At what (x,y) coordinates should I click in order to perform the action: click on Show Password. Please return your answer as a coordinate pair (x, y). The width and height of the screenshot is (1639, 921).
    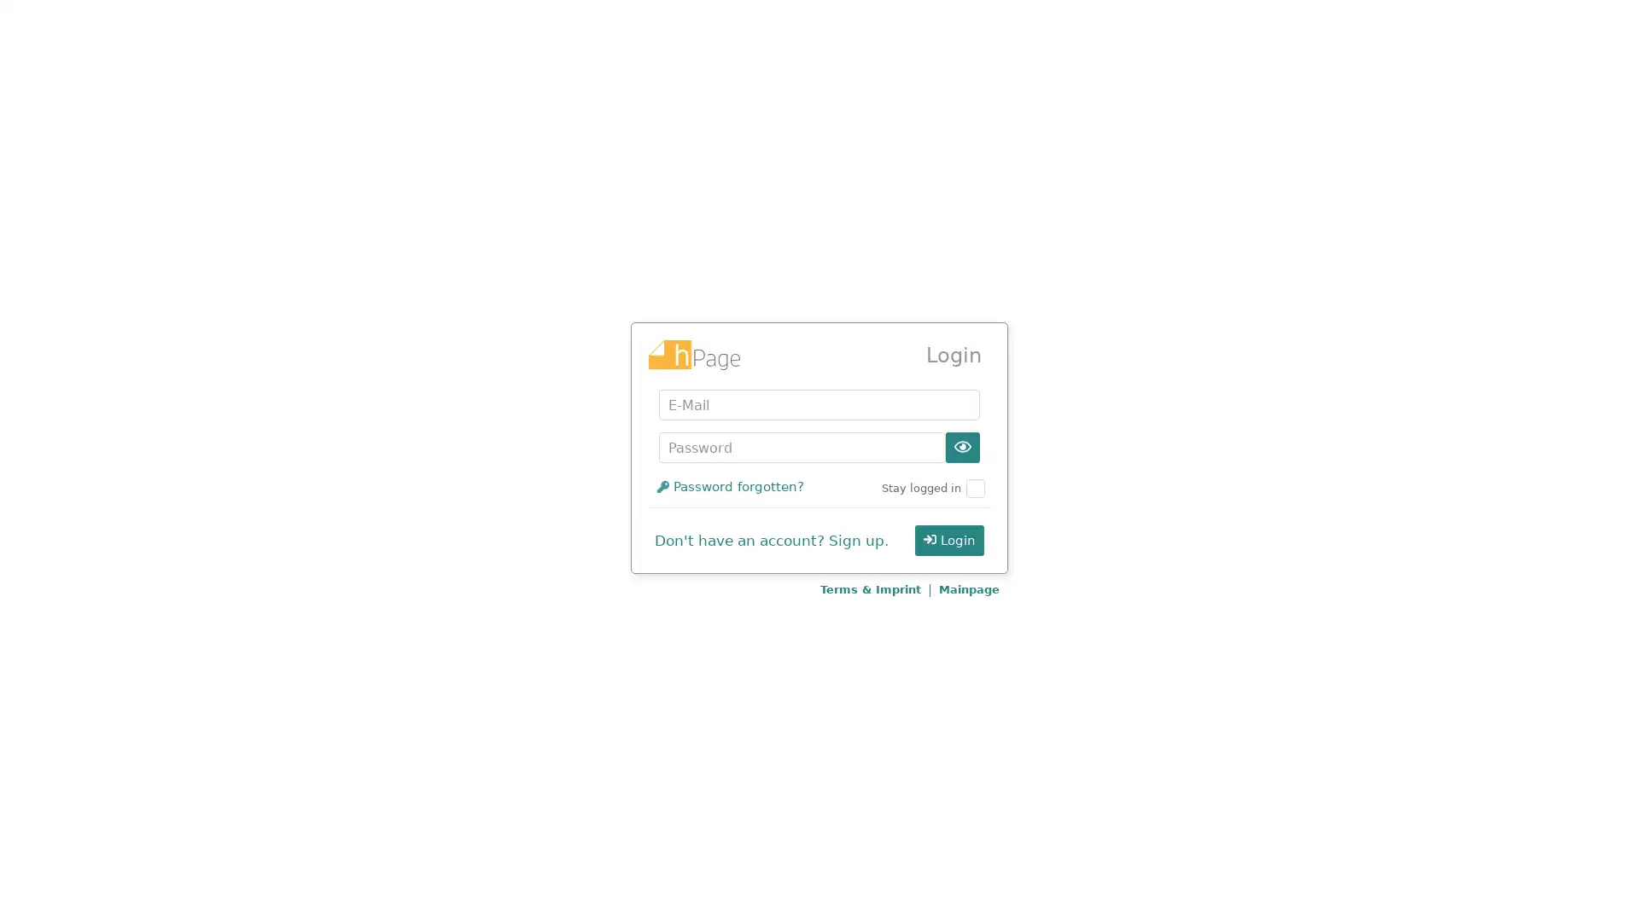
    Looking at the image, I should click on (963, 446).